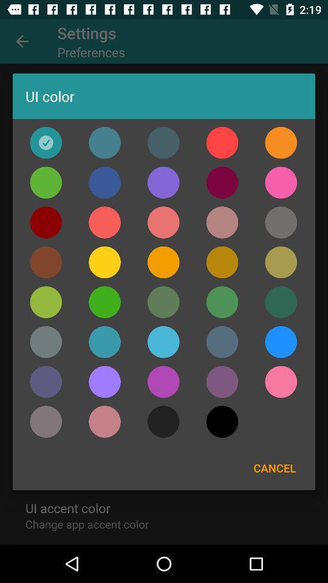  What do you see at coordinates (45, 301) in the screenshot?
I see `change ui color` at bounding box center [45, 301].